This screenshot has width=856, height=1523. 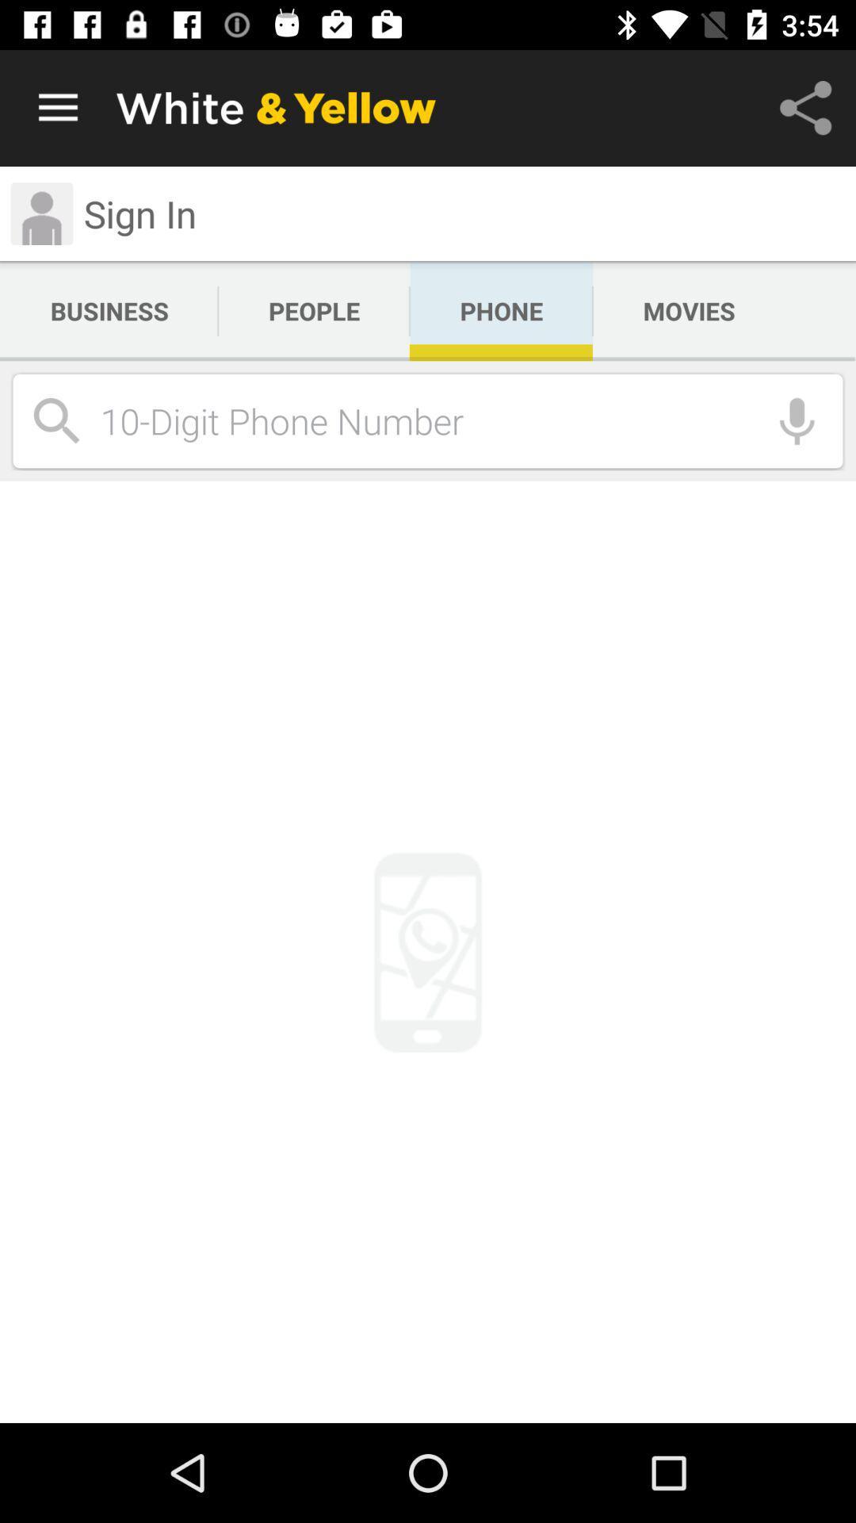 What do you see at coordinates (501, 311) in the screenshot?
I see `icon to the left of movies item` at bounding box center [501, 311].